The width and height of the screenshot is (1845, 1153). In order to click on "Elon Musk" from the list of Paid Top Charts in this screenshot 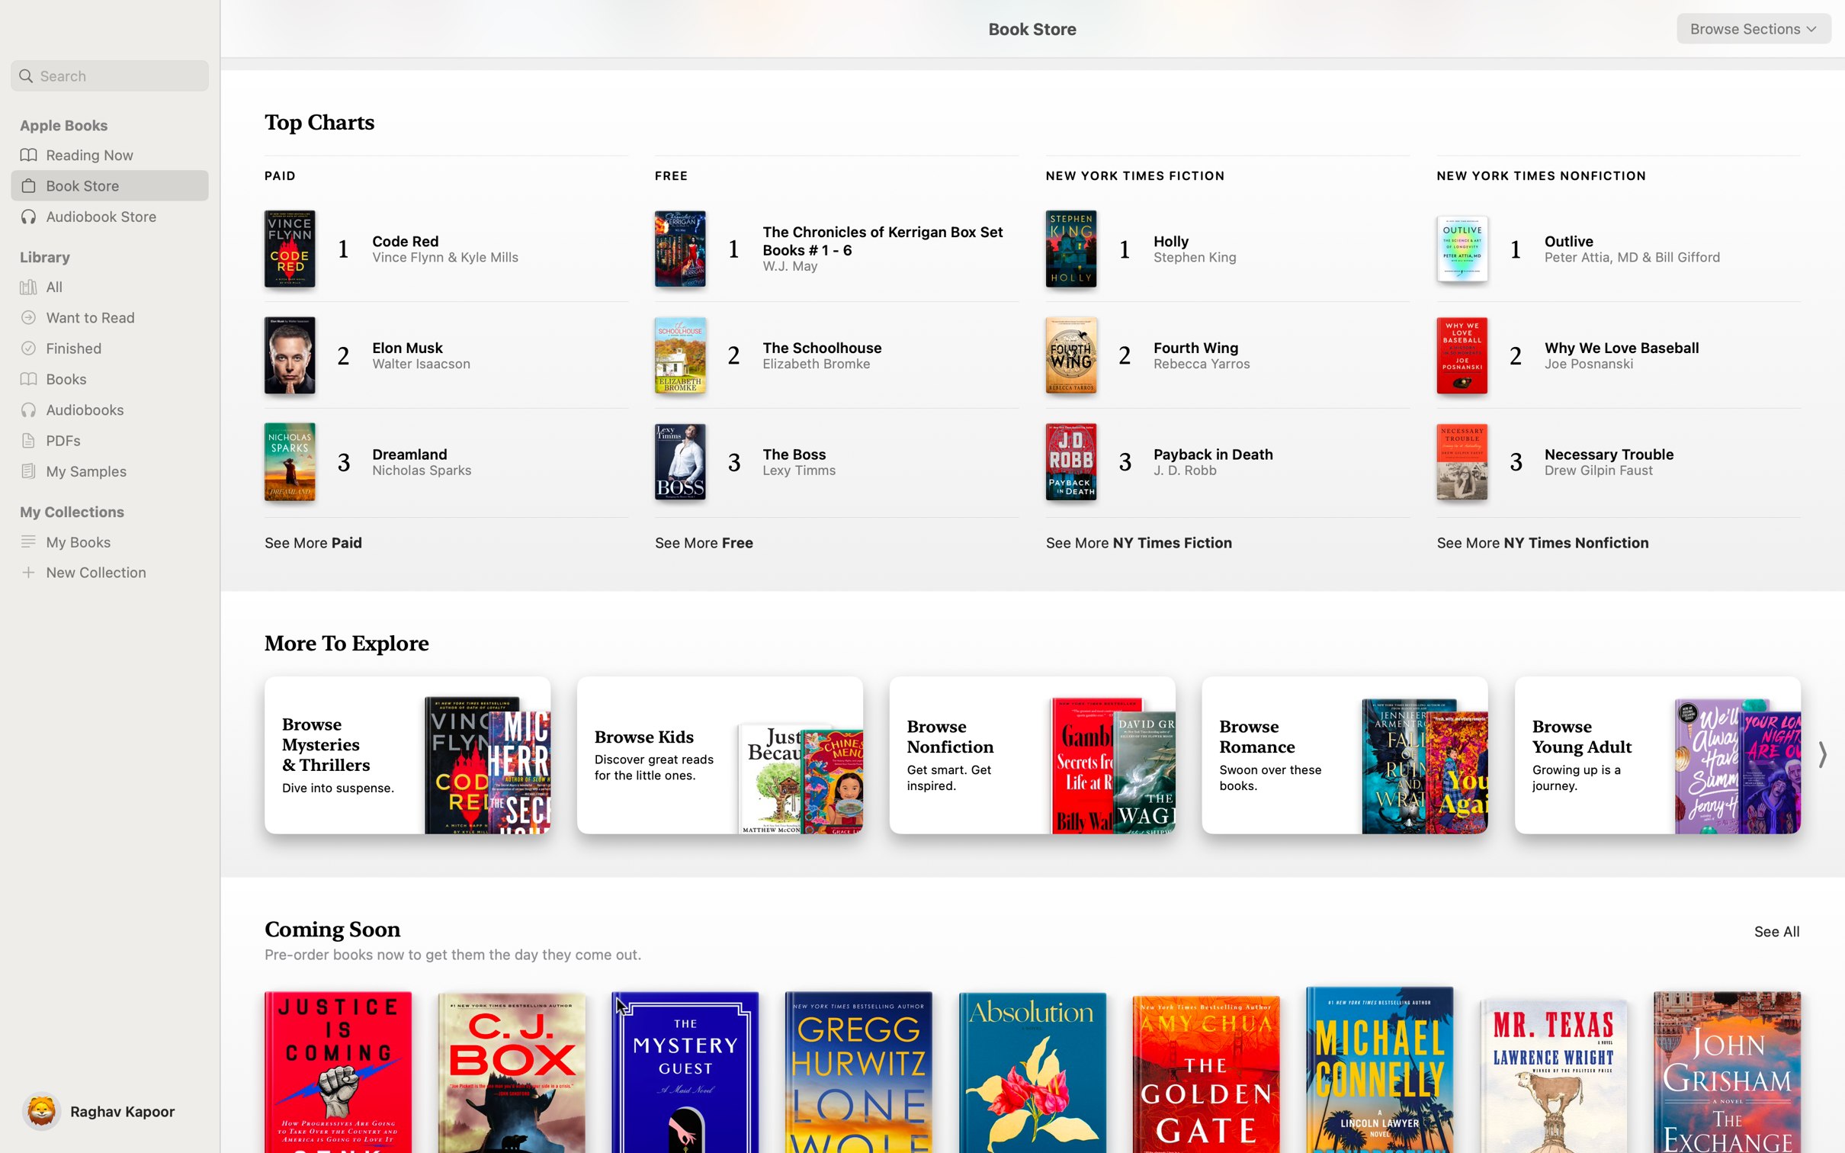, I will do `click(432, 358)`.